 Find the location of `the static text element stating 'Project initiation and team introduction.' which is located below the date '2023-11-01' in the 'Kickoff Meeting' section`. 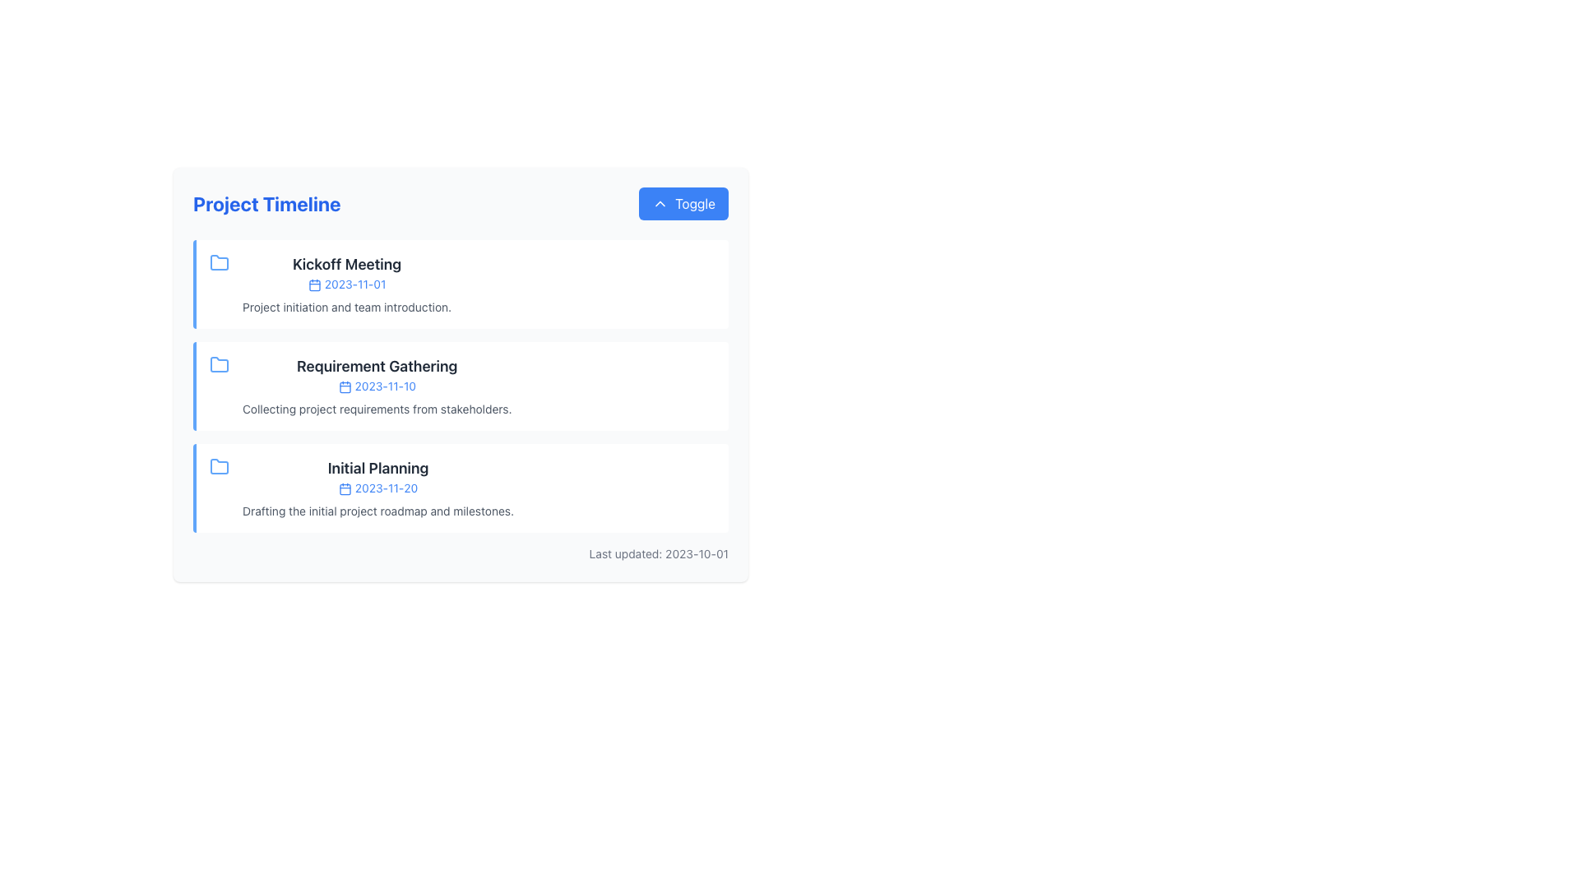

the static text element stating 'Project initiation and team introduction.' which is located below the date '2023-11-01' in the 'Kickoff Meeting' section is located at coordinates (346, 308).